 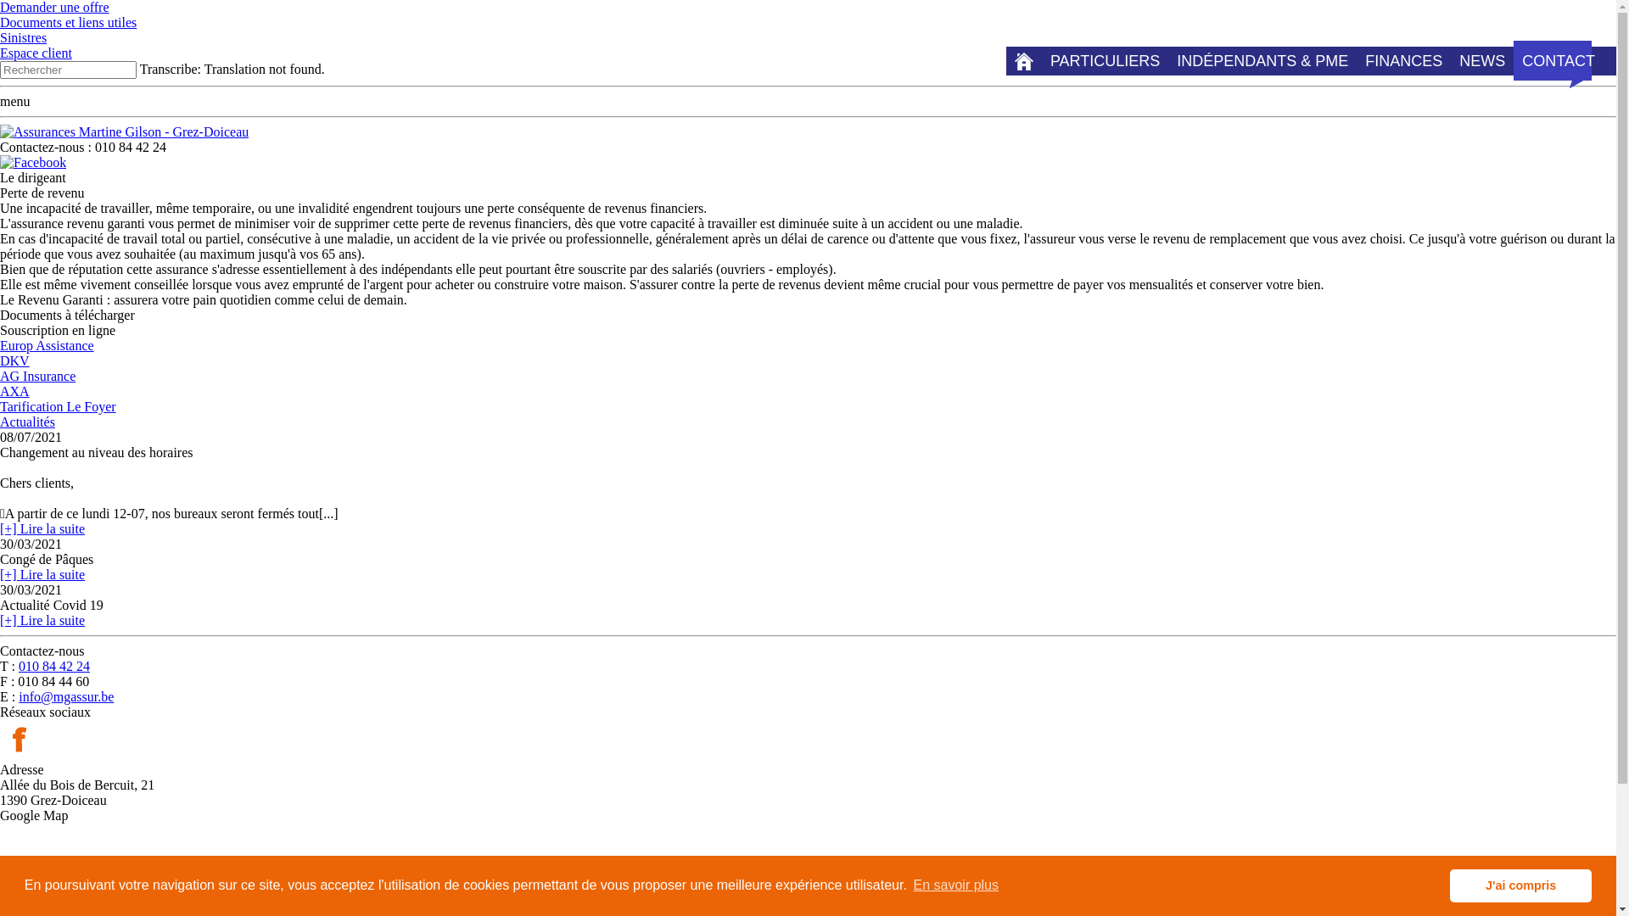 What do you see at coordinates (54, 7) in the screenshot?
I see `'Demander une offre'` at bounding box center [54, 7].